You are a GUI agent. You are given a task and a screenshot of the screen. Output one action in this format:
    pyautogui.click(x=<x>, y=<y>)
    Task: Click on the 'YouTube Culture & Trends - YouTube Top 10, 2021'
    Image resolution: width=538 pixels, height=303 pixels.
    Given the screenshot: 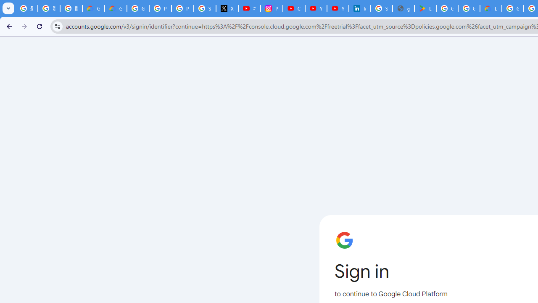 What is the action you would take?
    pyautogui.click(x=338, y=8)
    